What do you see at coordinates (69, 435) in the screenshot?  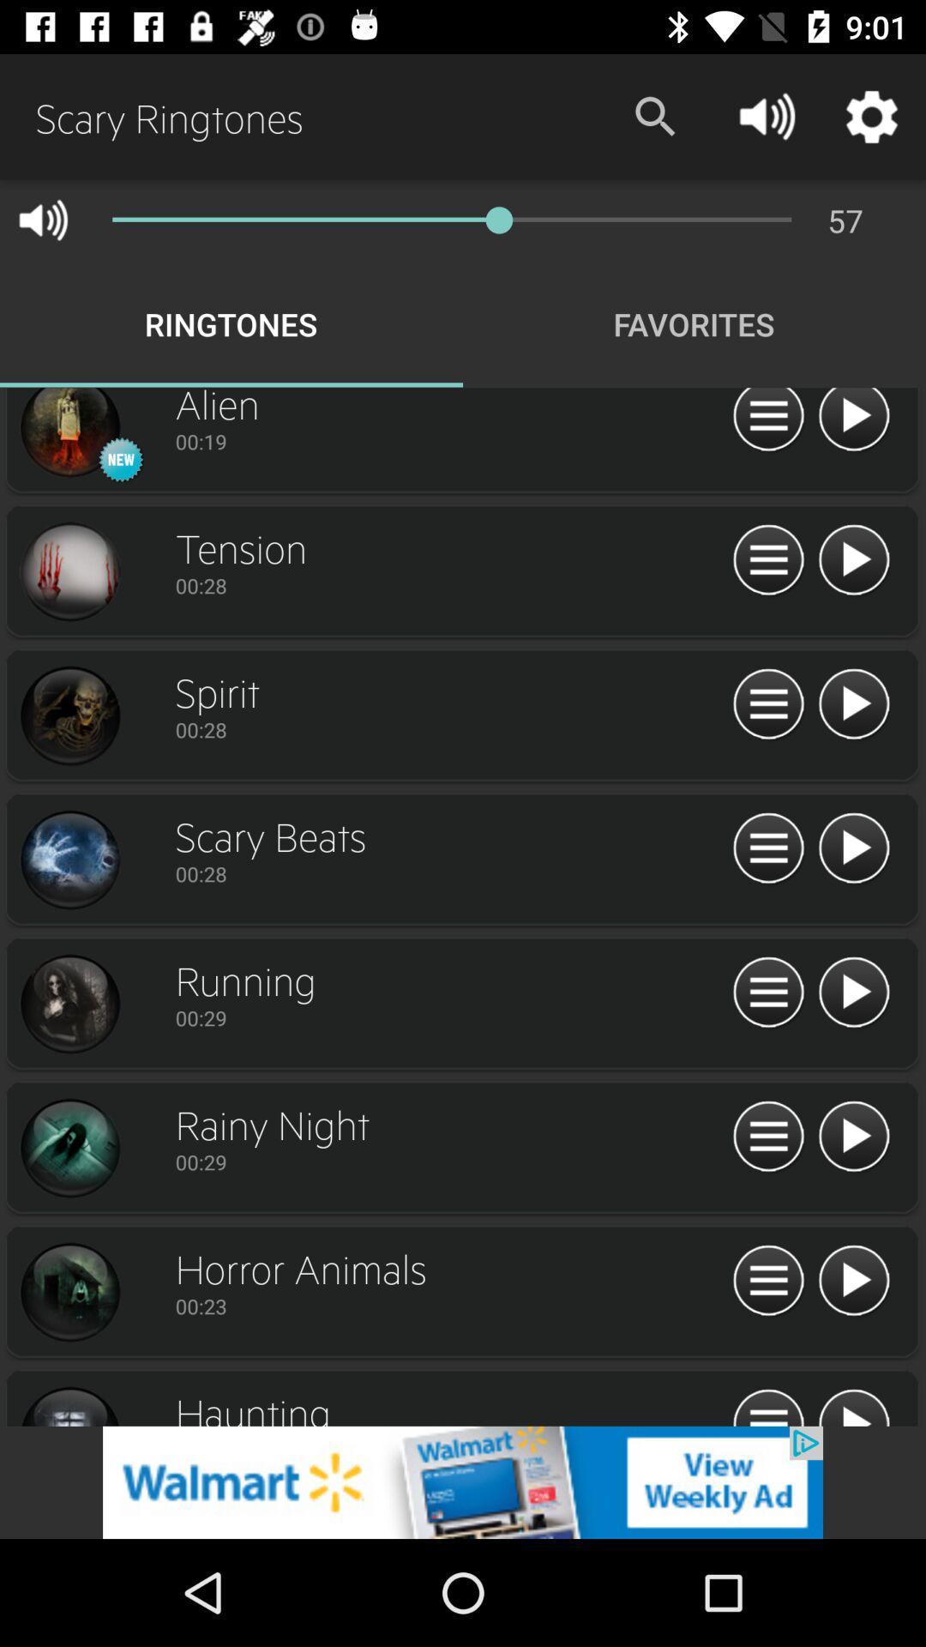 I see `alien ringtone` at bounding box center [69, 435].